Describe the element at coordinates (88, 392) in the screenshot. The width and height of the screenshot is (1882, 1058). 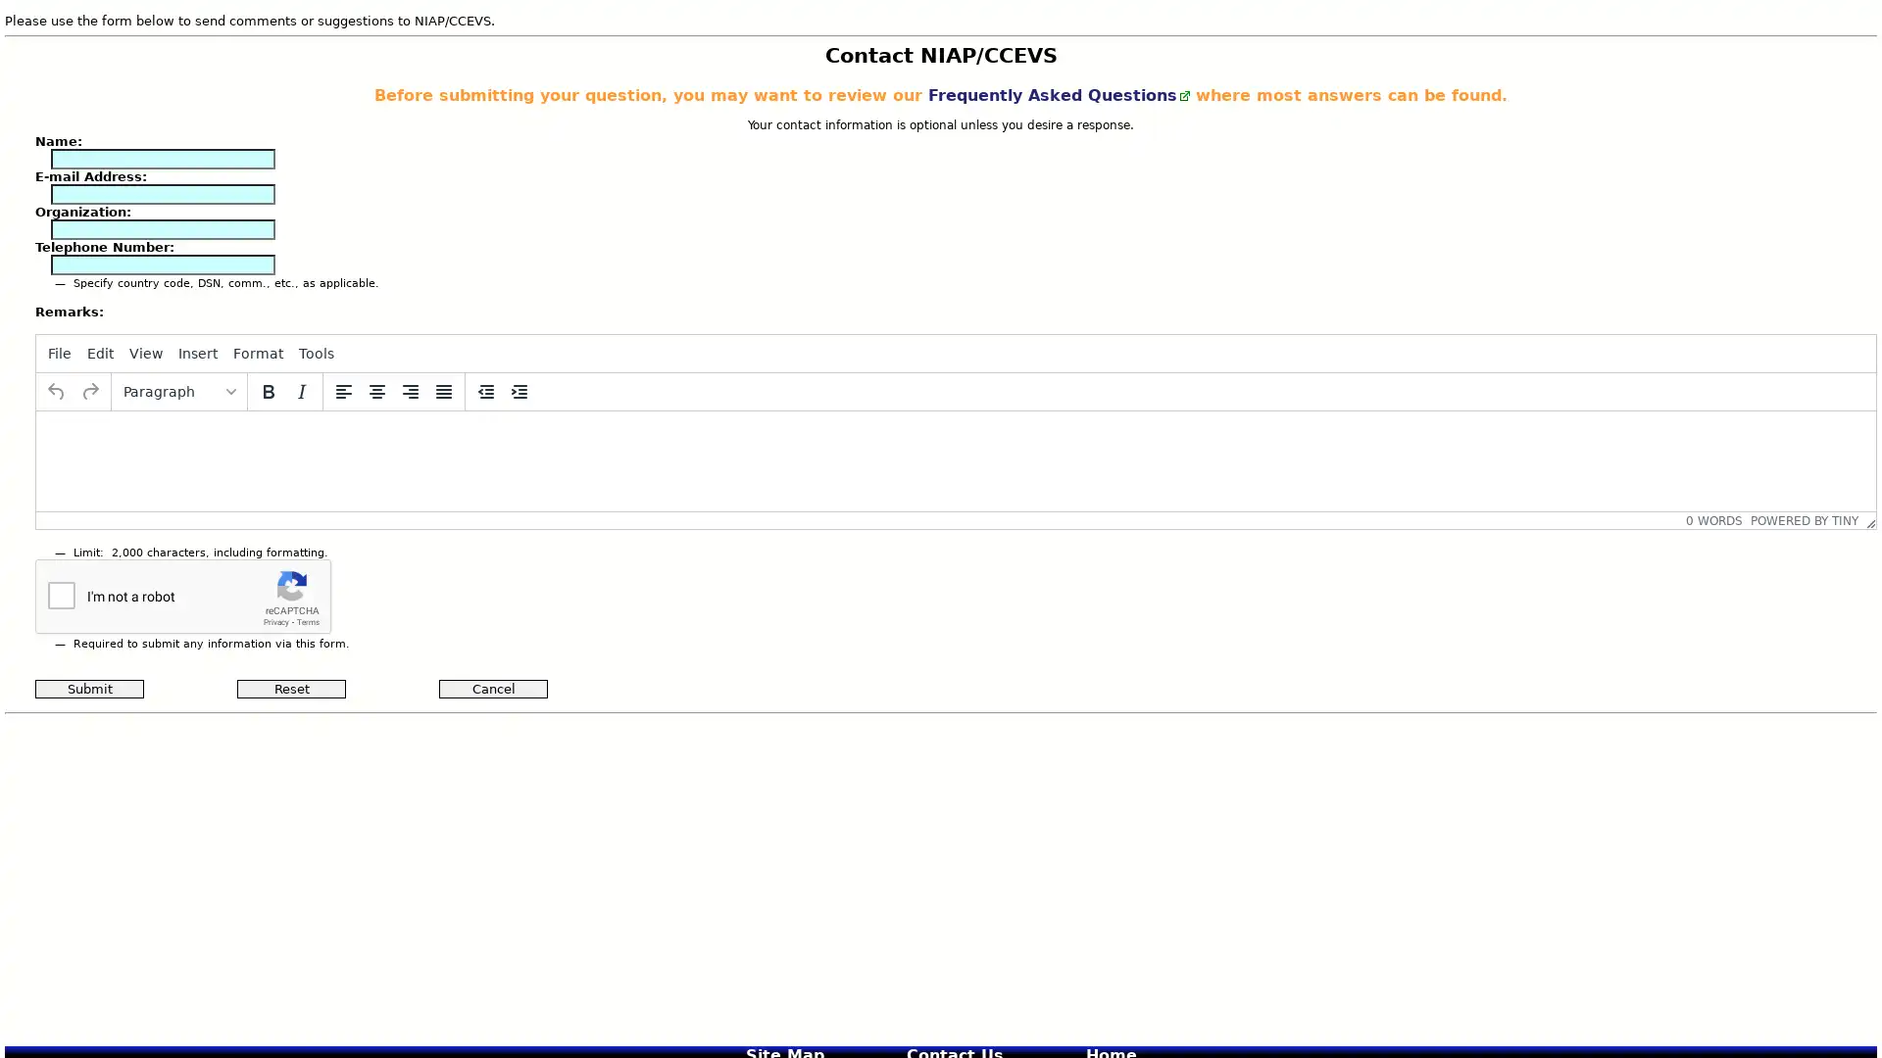
I see `Redo` at that location.